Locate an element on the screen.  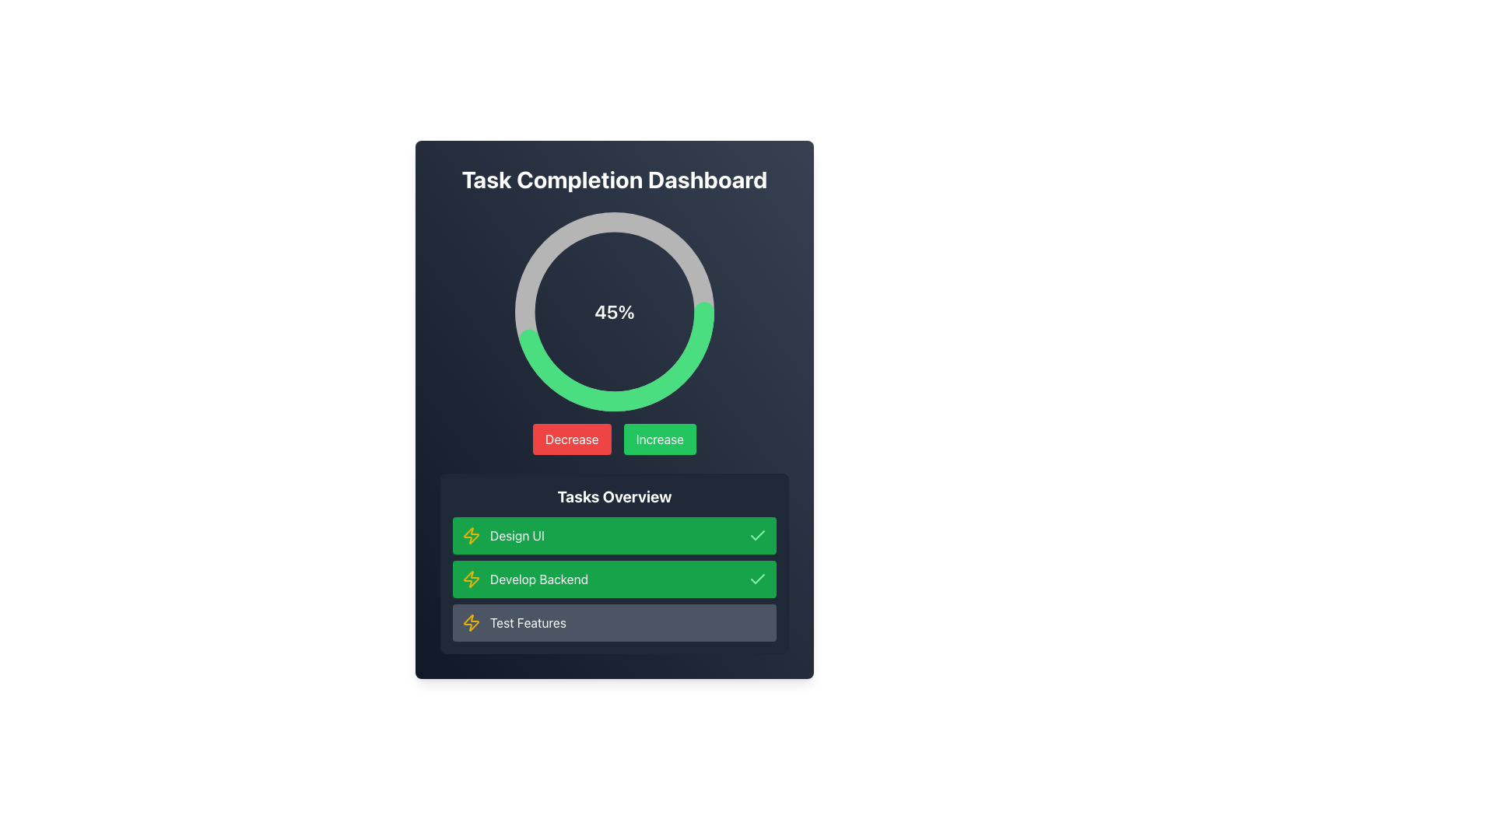
the task indicator icon for the 'Develop Backend' task located in the 'Tasks Overview' section, which is horizontally aligned with the task label is located at coordinates (470, 579).